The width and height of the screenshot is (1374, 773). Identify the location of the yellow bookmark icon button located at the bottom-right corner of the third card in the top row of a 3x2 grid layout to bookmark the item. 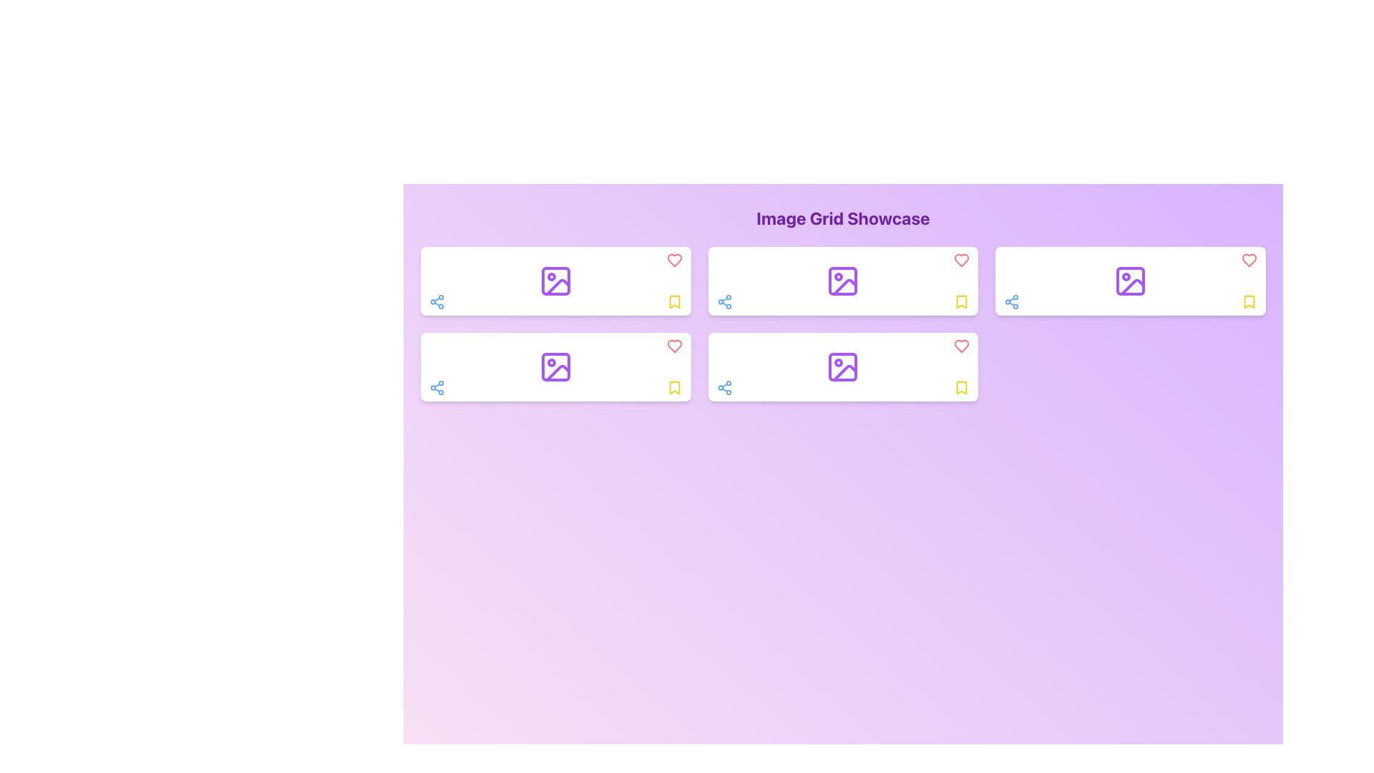
(962, 301).